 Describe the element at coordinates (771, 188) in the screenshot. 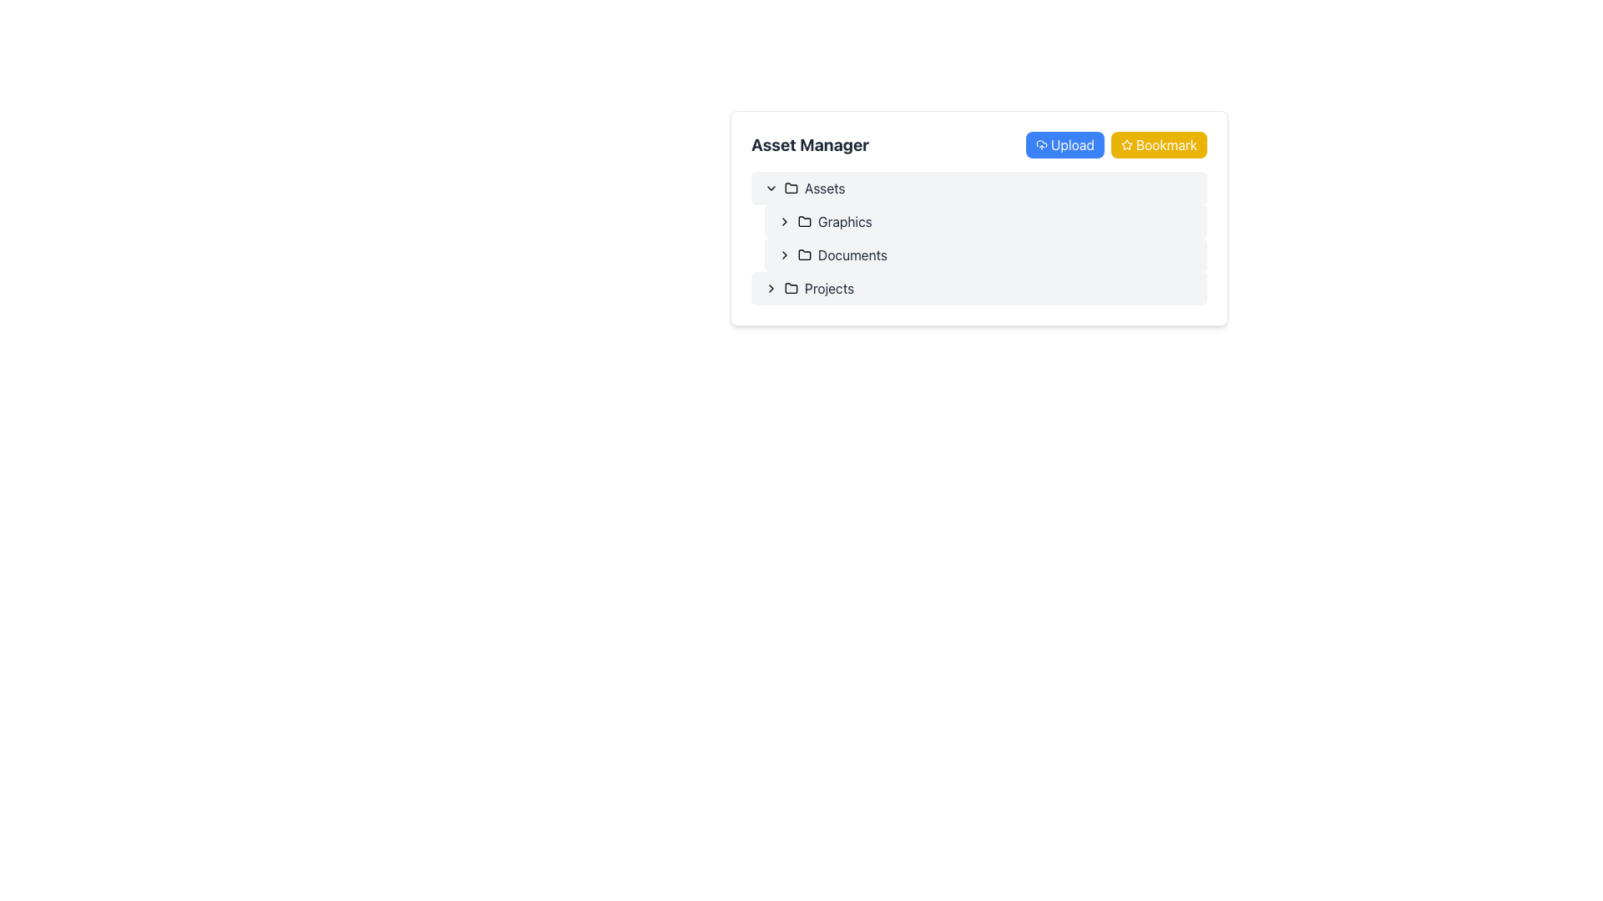

I see `the Chevron icon located immediately to the left of the 'Assets' label` at that location.